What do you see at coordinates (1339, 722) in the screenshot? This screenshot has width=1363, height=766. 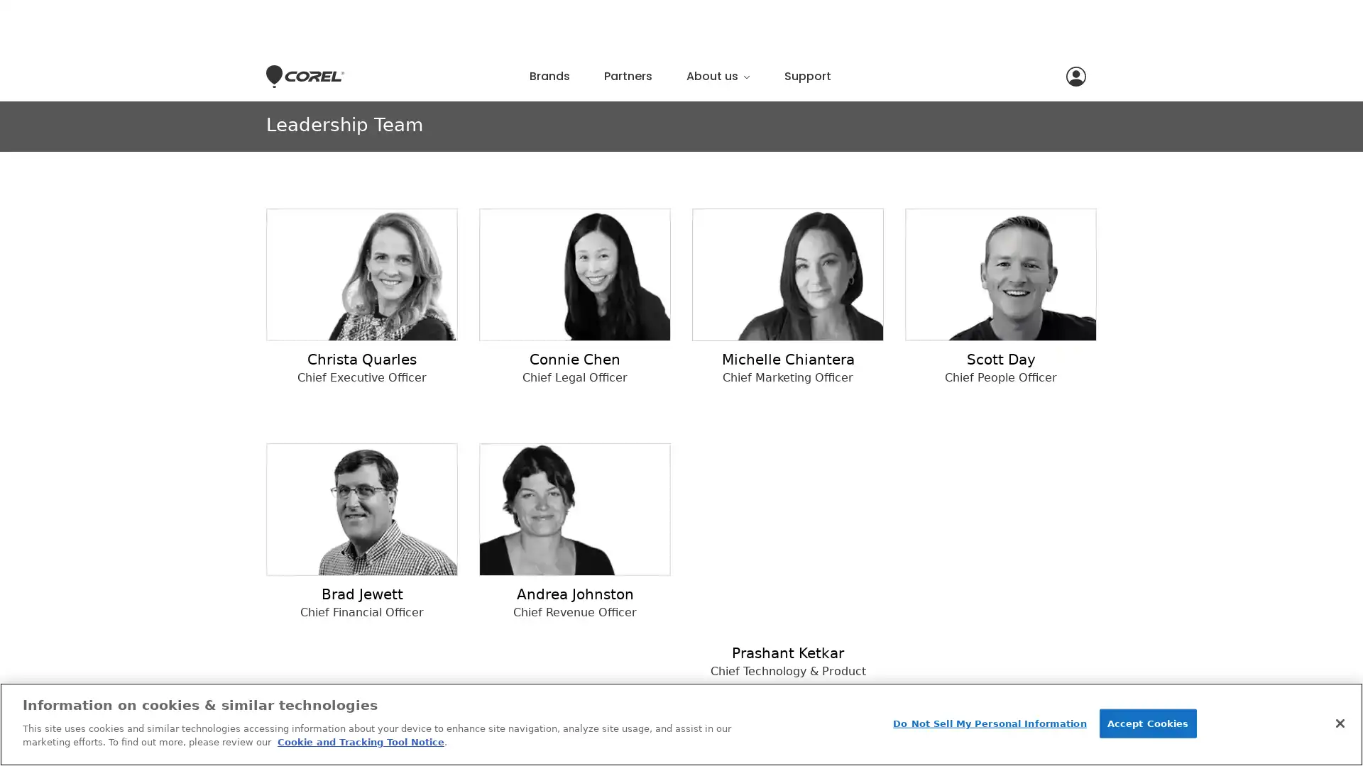 I see `Close` at bounding box center [1339, 722].